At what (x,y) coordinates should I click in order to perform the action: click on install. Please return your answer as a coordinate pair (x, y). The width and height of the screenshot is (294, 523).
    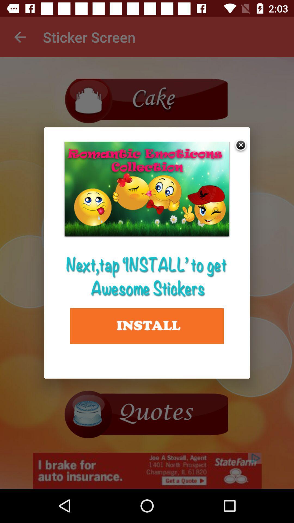
    Looking at the image, I should click on (146, 326).